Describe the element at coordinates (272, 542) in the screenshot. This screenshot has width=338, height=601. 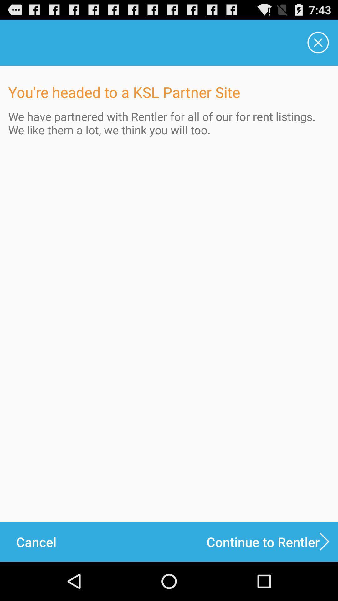
I see `continue to rentler item` at that location.